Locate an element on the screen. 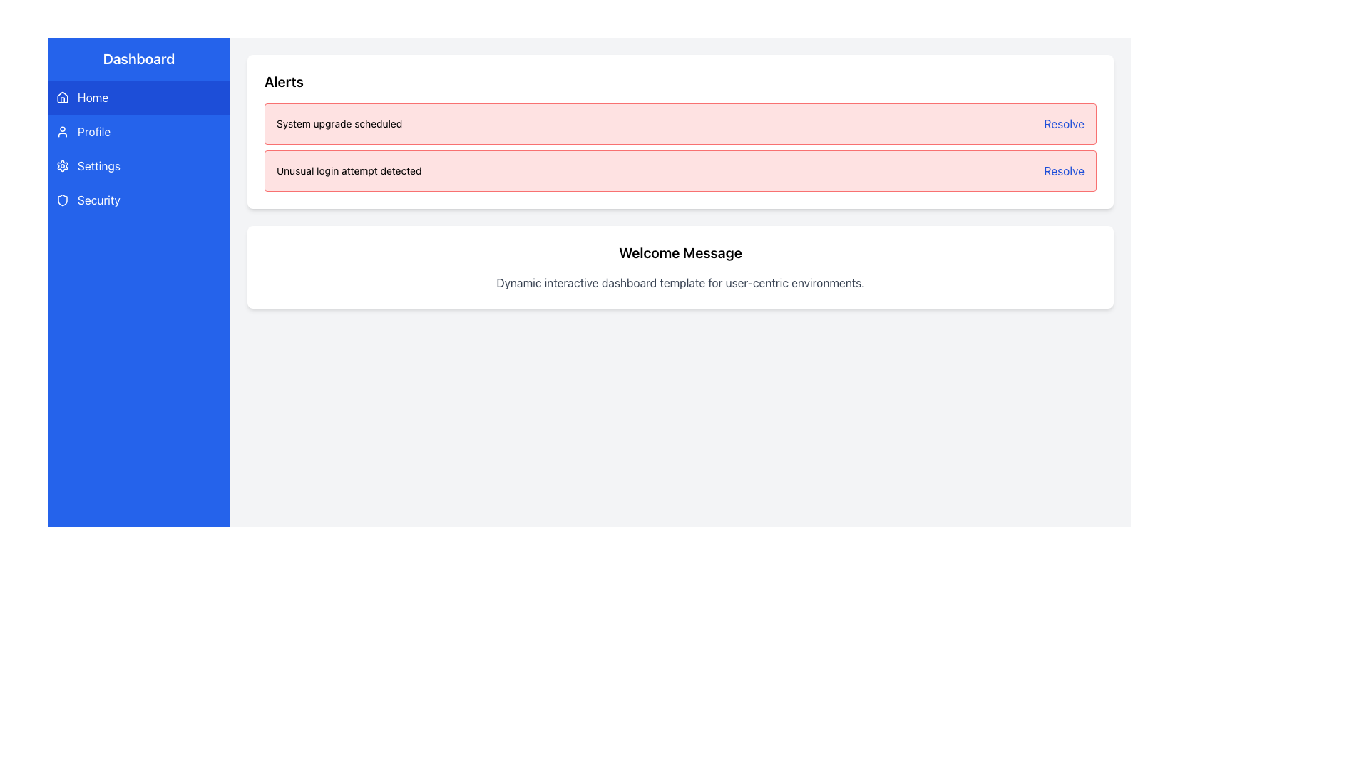  the small circular user profile icon located in the second item of the blue vertical navigation sidebar is located at coordinates (61, 132).